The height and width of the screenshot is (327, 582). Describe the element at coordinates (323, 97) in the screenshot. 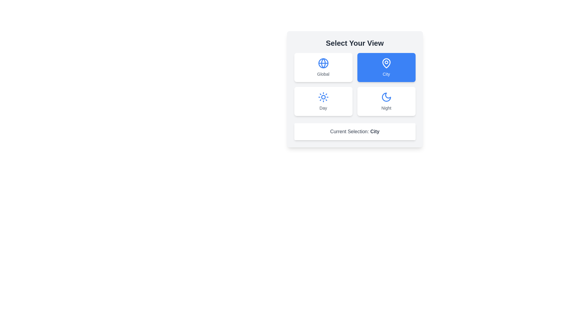

I see `the 'Day' icon located above the text label 'Day' within the selection grid` at that location.